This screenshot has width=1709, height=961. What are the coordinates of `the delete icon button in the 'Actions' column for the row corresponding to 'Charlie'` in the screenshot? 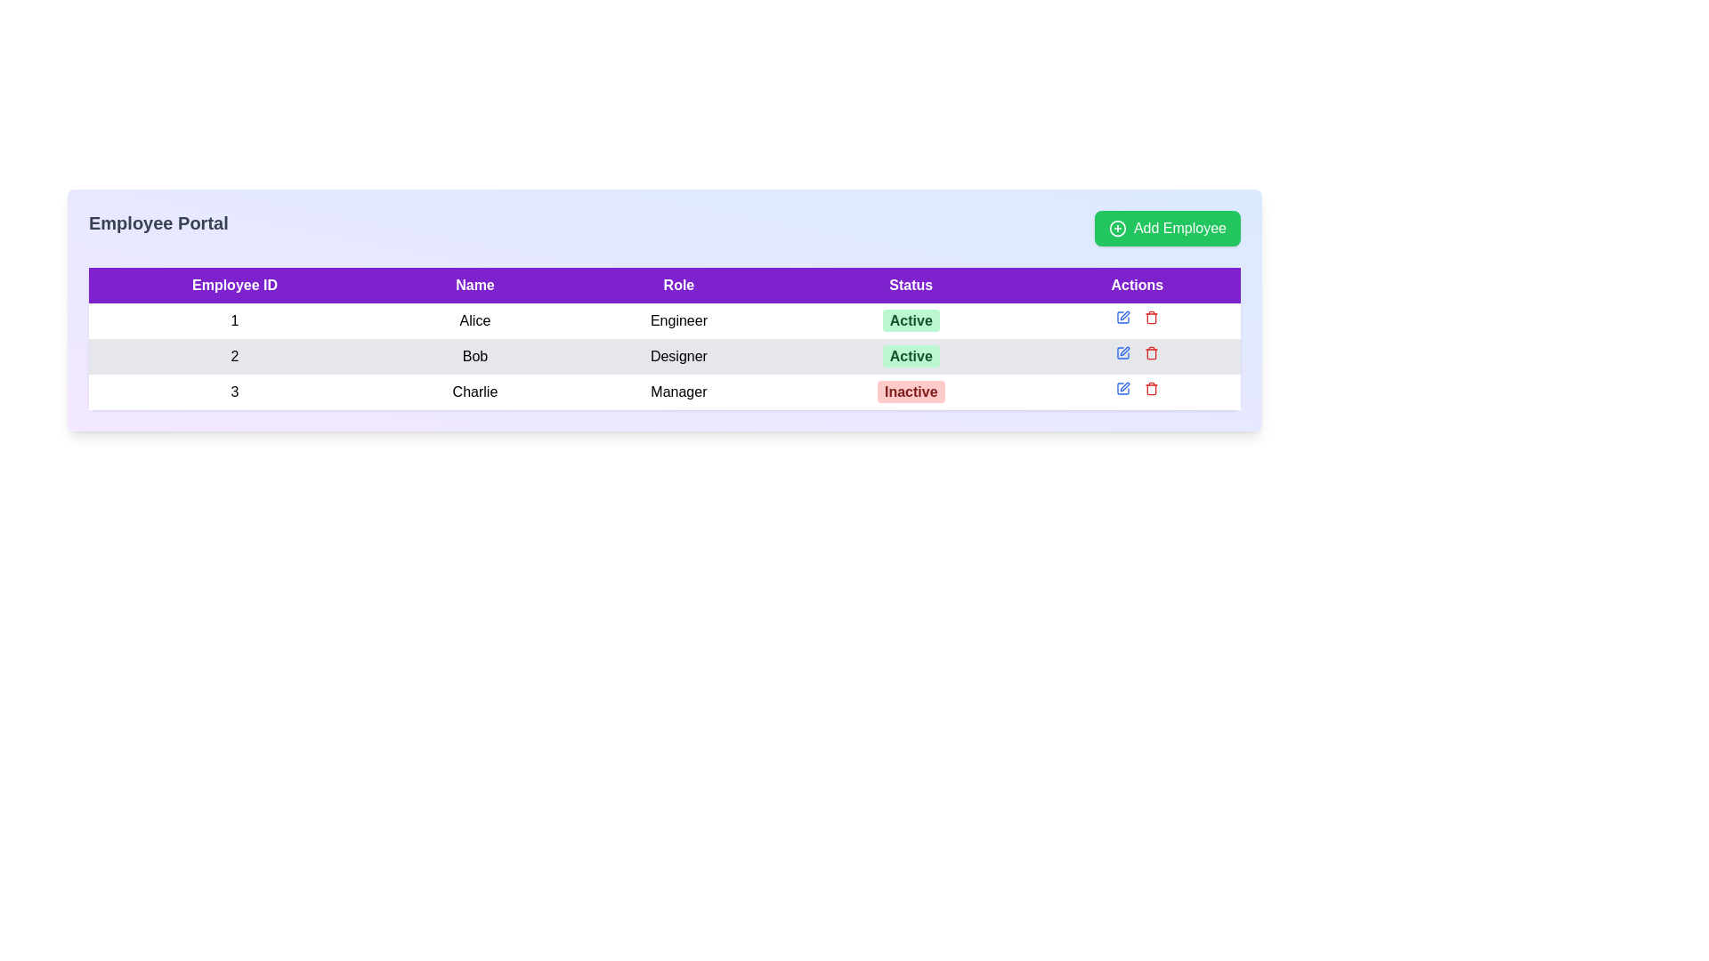 It's located at (1150, 387).